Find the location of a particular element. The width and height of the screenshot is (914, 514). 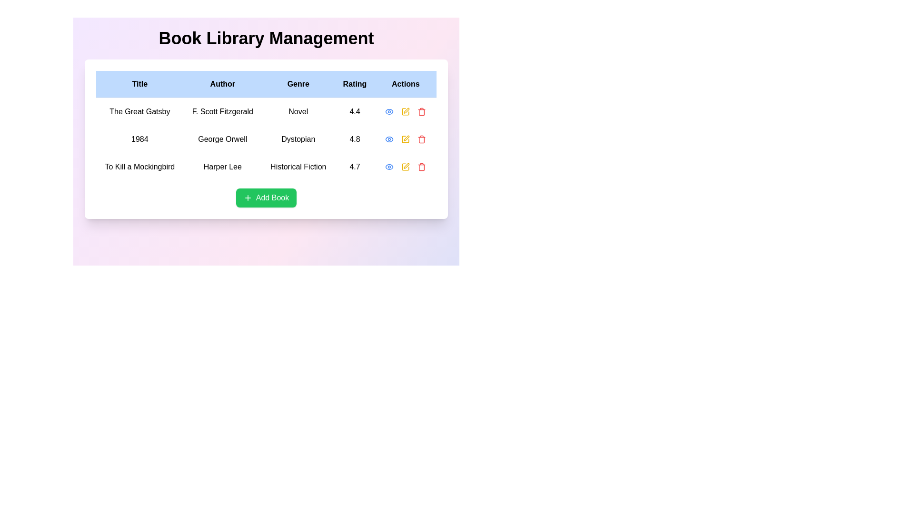

the yellow pen icon in the 'Actions' column to initiate editing for the book '1984' by George Orwell is located at coordinates (407, 110).